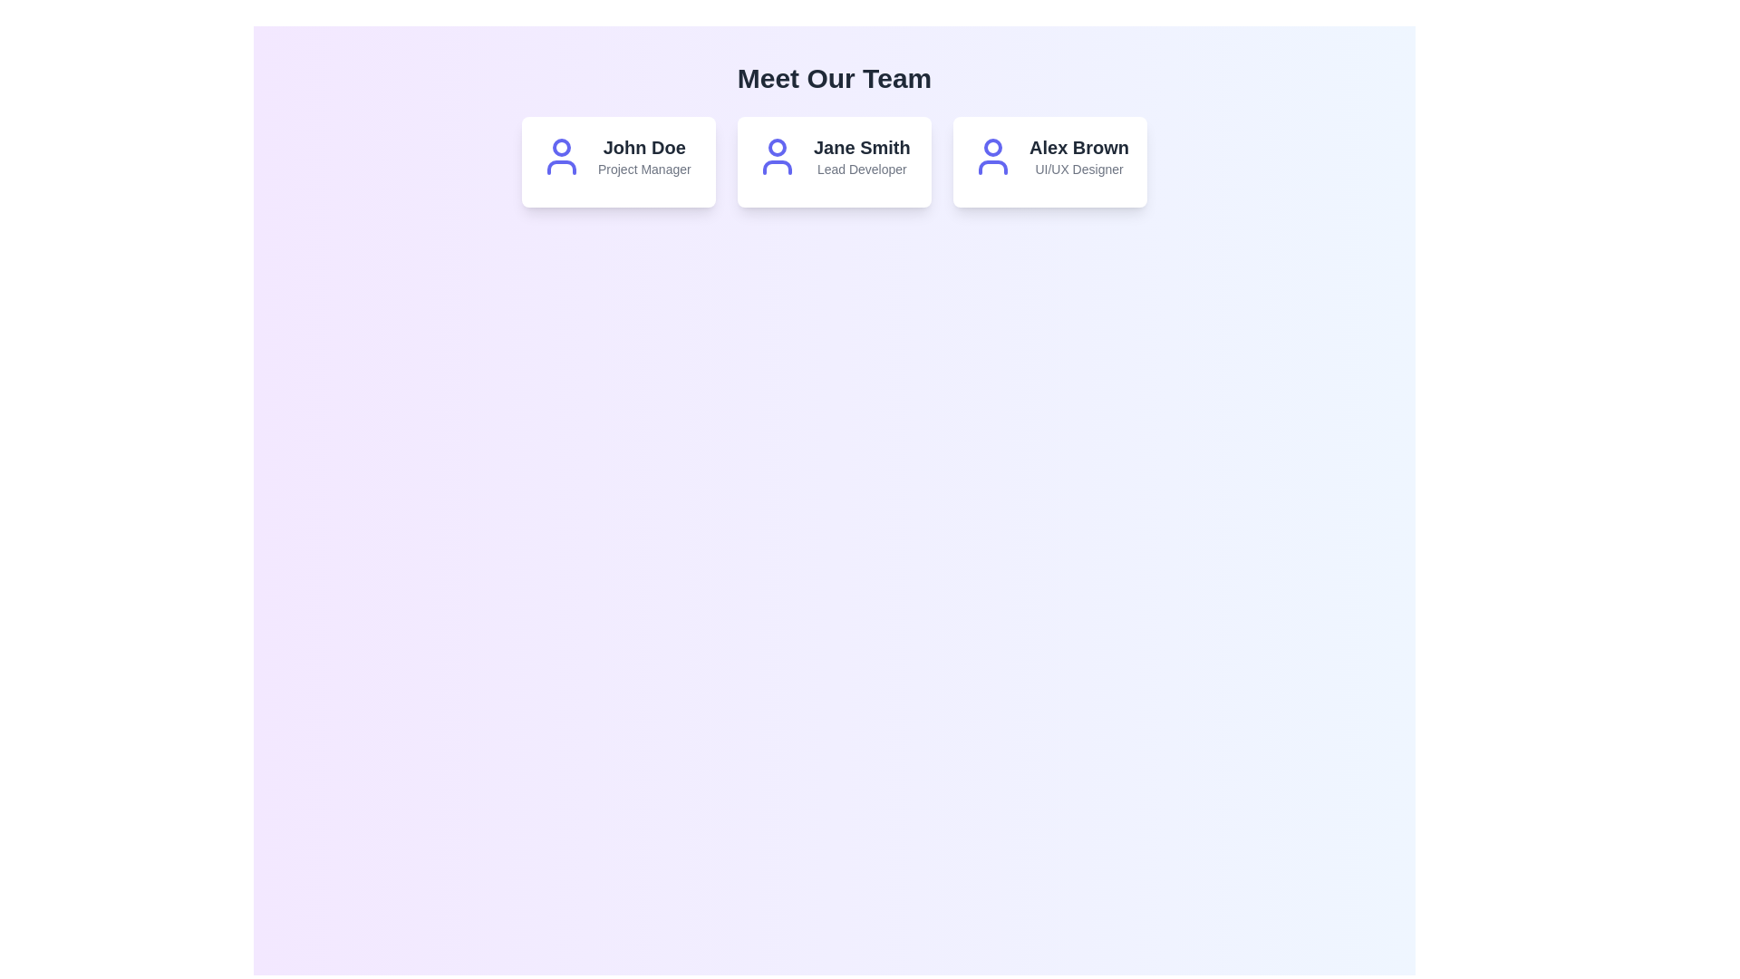 Image resolution: width=1740 pixels, height=979 pixels. What do you see at coordinates (560, 146) in the screenshot?
I see `the decorative circle representing the head in the user icon graphic under 'Meet Our Team' for the user 'John Doe'` at bounding box center [560, 146].